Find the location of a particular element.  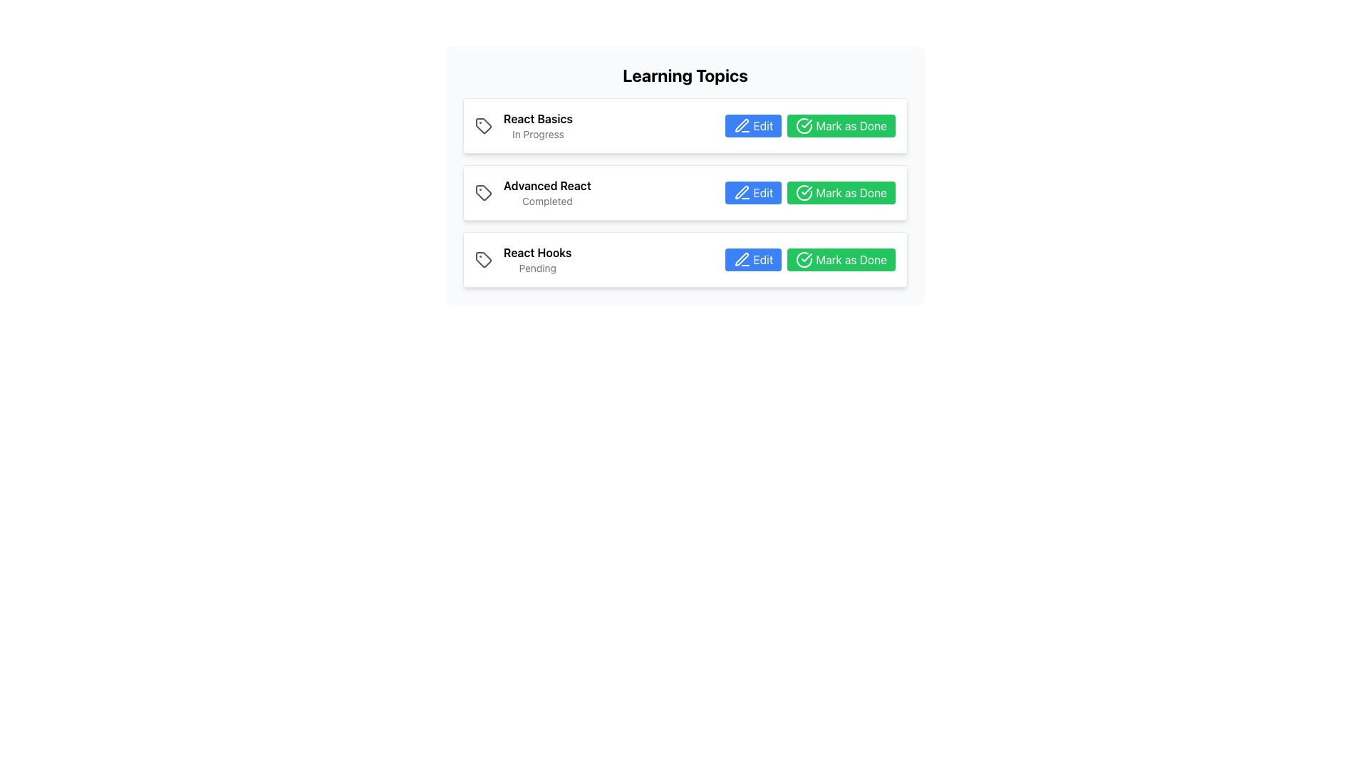

the static text label displaying 'Advanced React', which is styled in bold black font and located in the middle row of the Learning Topics list, positioned above the status text 'Completed' is located at coordinates (546, 185).